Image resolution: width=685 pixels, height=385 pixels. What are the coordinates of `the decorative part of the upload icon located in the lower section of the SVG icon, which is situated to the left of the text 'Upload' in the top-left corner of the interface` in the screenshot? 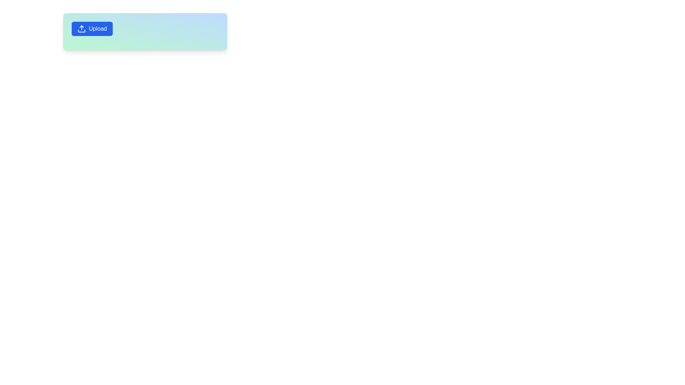 It's located at (82, 31).